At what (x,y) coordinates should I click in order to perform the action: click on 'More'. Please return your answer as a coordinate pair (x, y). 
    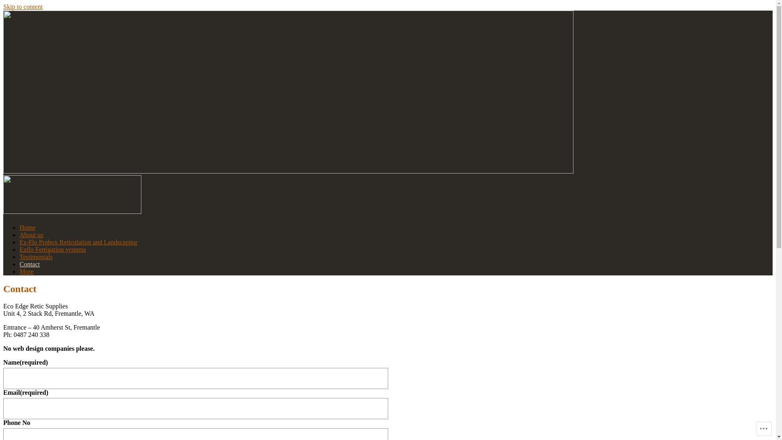
    Looking at the image, I should click on (26, 271).